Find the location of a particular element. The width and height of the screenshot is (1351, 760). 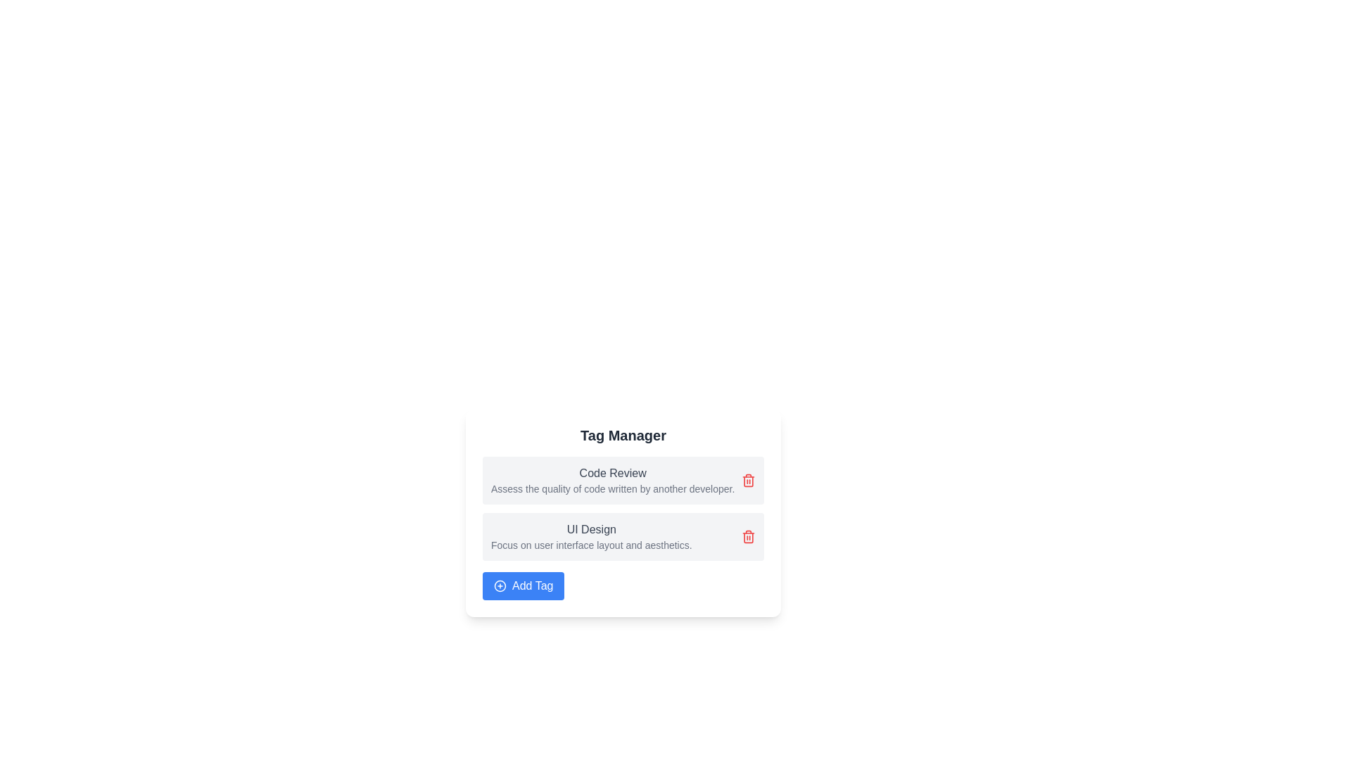

the delete button located at the top right corner of the tag entry labeled 'Code Review' is located at coordinates (748, 479).